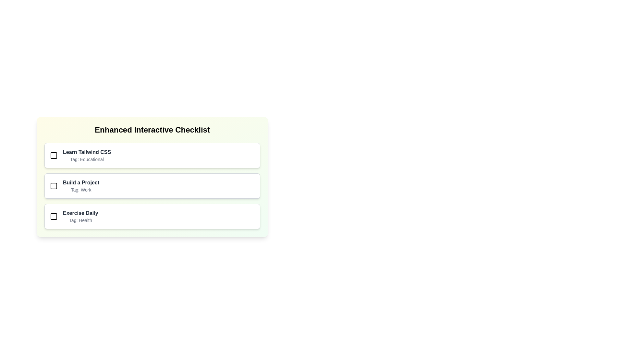 This screenshot has width=623, height=350. What do you see at coordinates (54, 216) in the screenshot?
I see `the square-shaped graphical icon located in the leftmost region of the list item containing the text 'Exercise Daily' and the subtext 'Tag: Health'` at bounding box center [54, 216].